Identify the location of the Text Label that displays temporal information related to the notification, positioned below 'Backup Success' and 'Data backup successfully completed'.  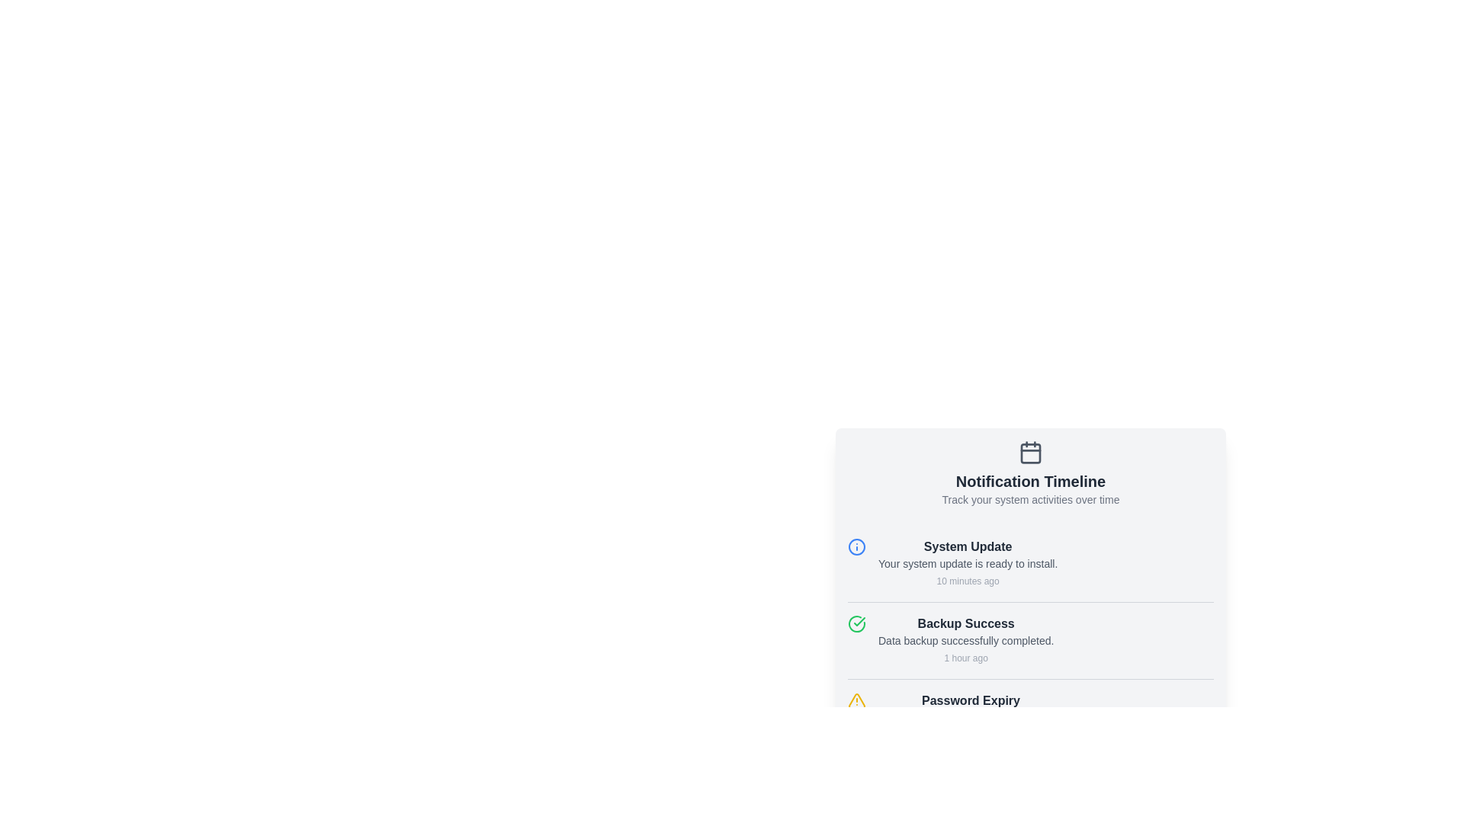
(965, 658).